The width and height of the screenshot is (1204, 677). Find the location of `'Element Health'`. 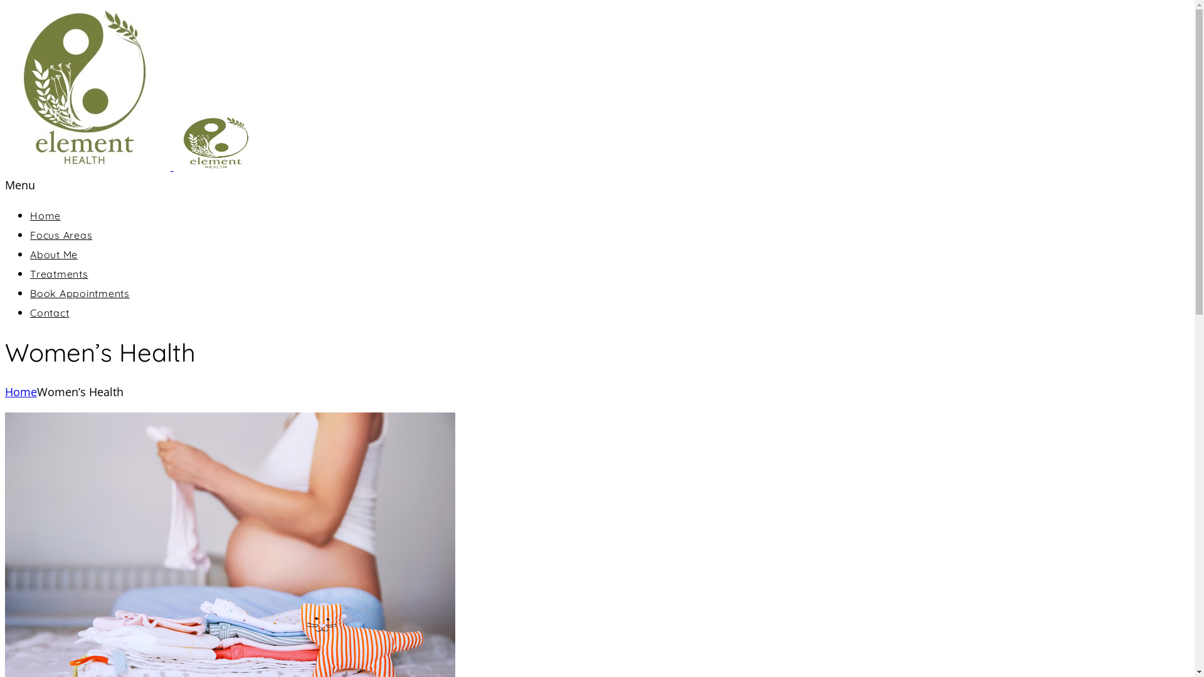

'Element Health' is located at coordinates (217, 142).